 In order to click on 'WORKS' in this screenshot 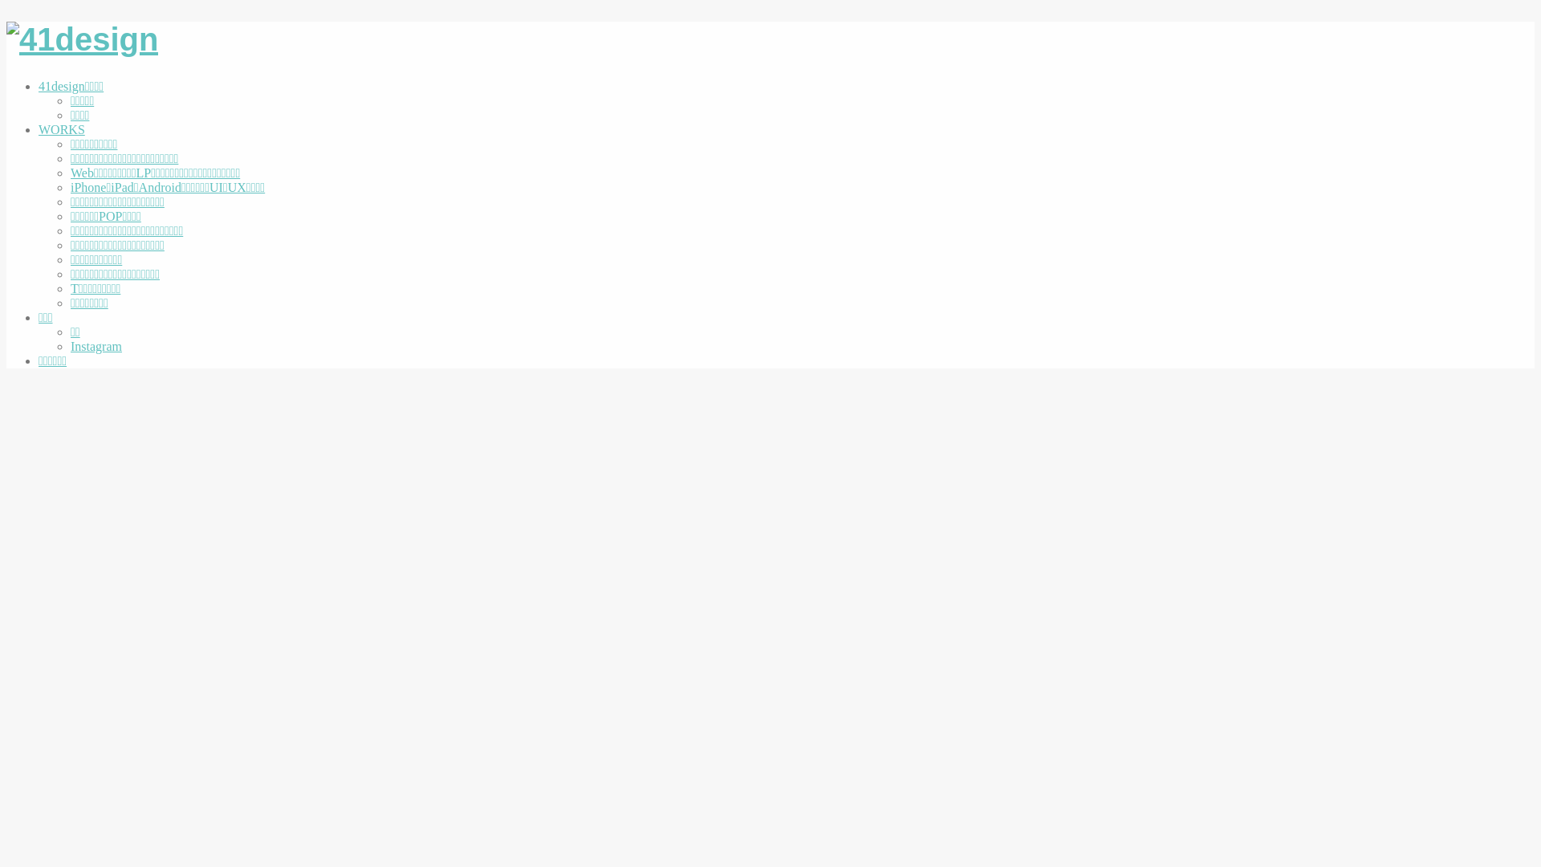, I will do `click(39, 129)`.